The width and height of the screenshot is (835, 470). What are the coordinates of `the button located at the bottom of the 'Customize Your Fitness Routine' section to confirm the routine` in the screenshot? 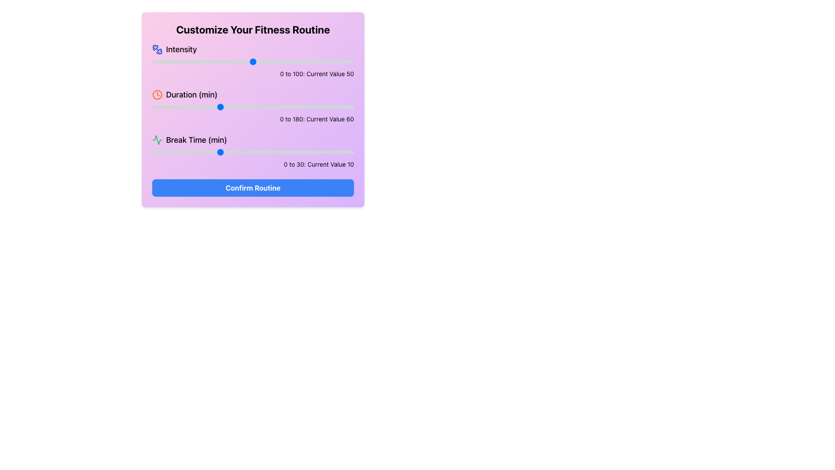 It's located at (252, 188).